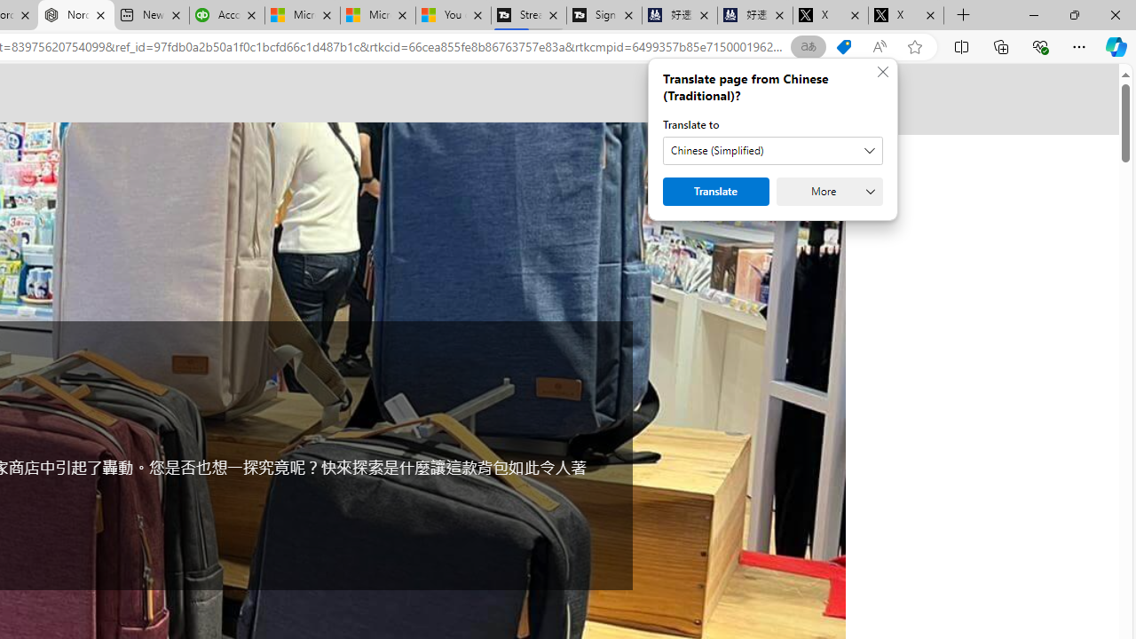 This screenshot has width=1136, height=639. I want to click on 'Accounting Software for Accountants, CPAs and Bookkeepers', so click(226, 15).